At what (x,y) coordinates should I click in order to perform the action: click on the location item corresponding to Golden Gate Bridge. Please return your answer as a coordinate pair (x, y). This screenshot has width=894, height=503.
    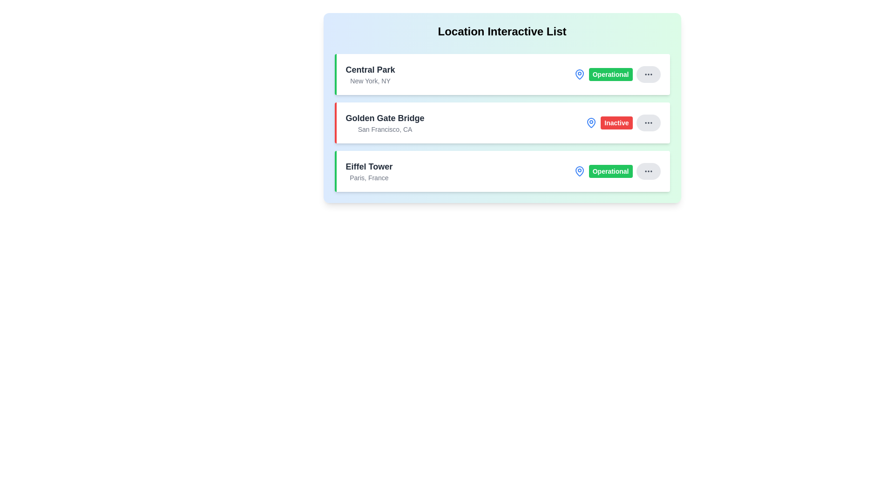
    Looking at the image, I should click on (501, 122).